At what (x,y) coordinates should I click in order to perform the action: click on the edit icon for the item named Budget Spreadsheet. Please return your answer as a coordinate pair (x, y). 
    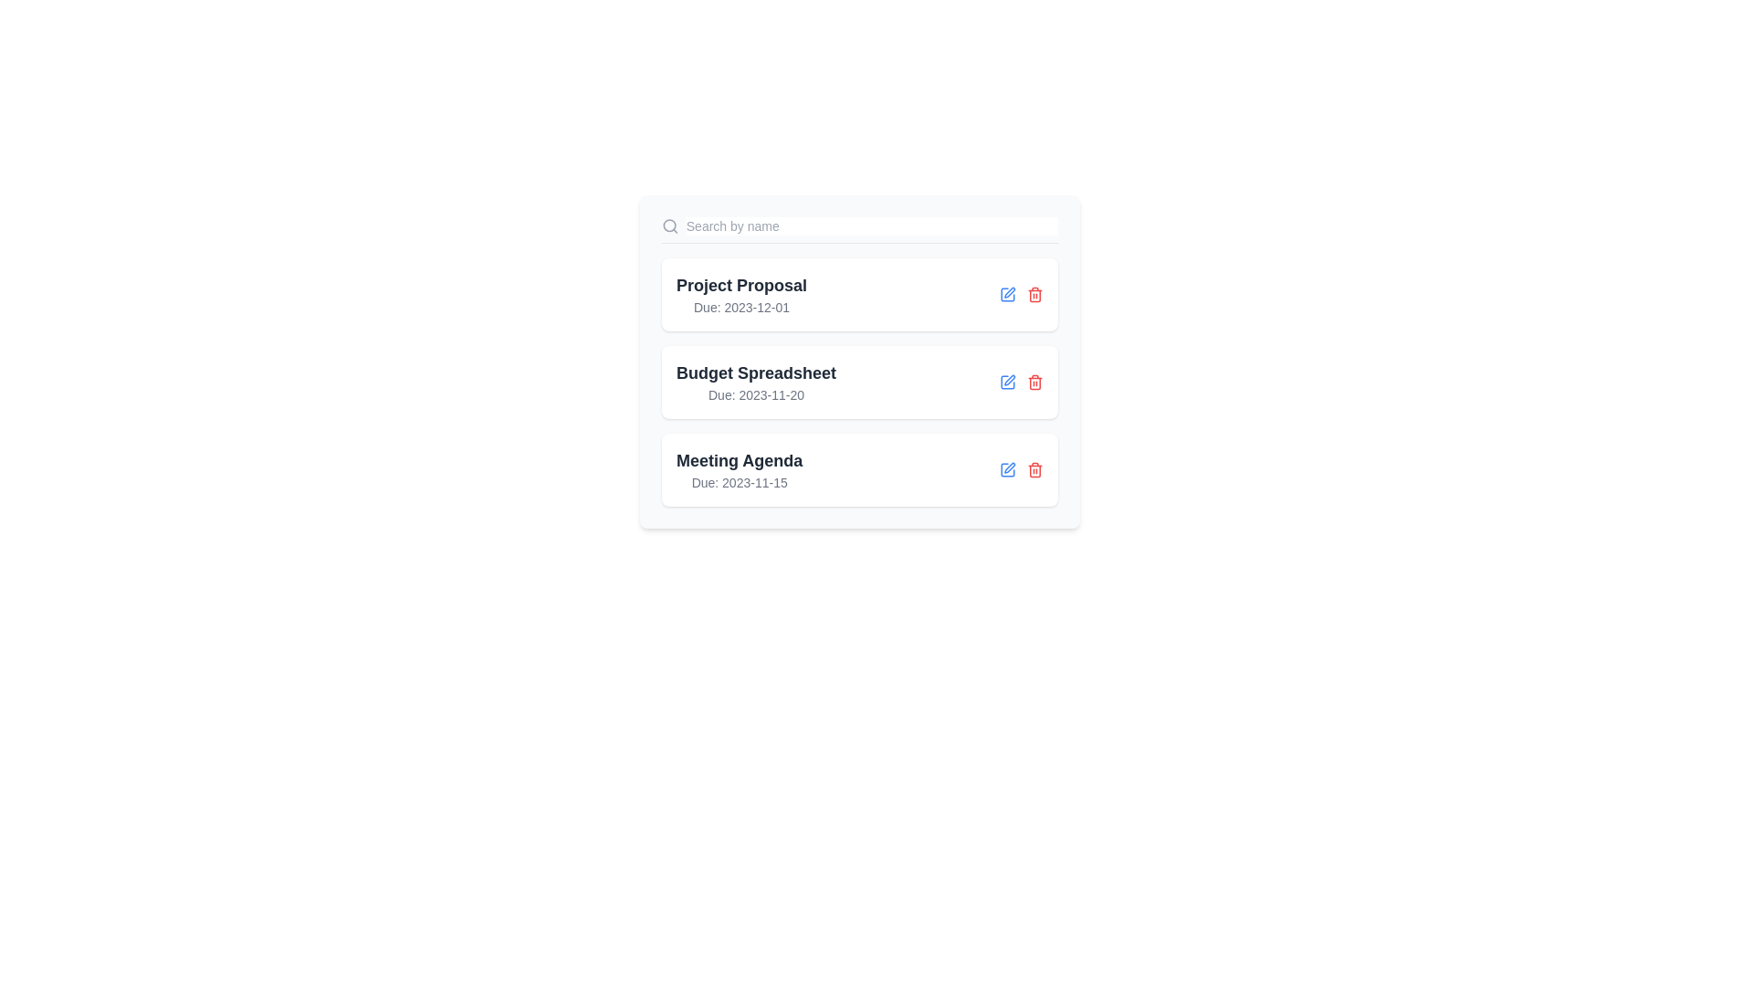
    Looking at the image, I should click on (1007, 382).